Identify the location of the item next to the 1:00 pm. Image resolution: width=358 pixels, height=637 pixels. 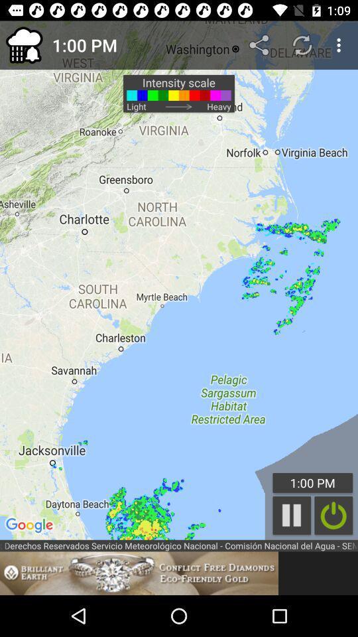
(24, 45).